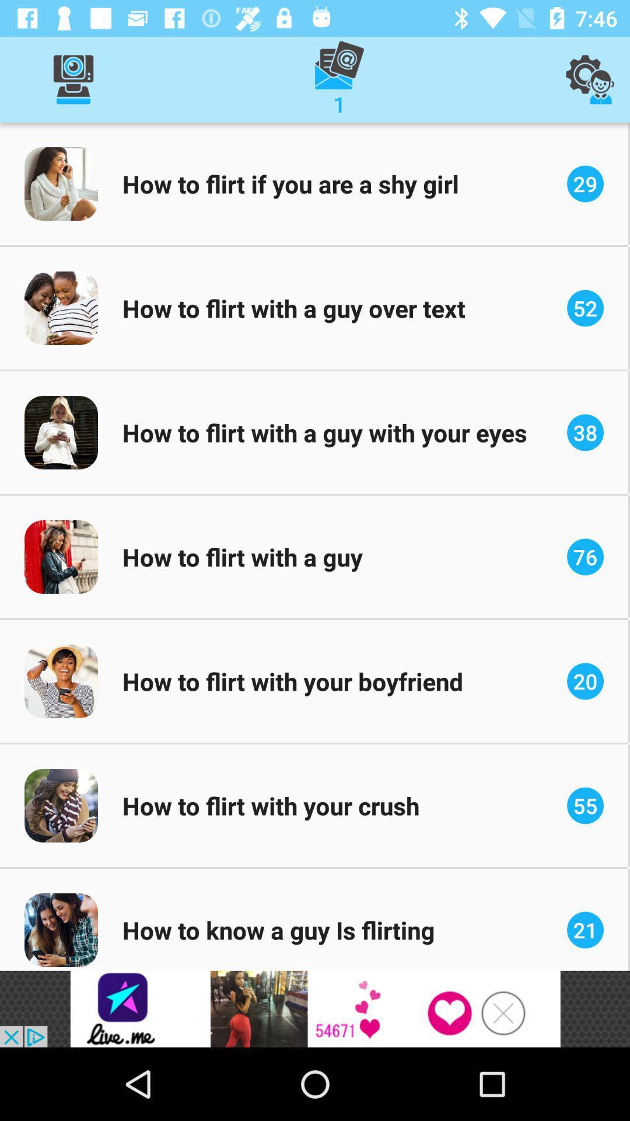 The height and width of the screenshot is (1121, 630). I want to click on the image which is before how to flirt with a guy on the page, so click(61, 556).